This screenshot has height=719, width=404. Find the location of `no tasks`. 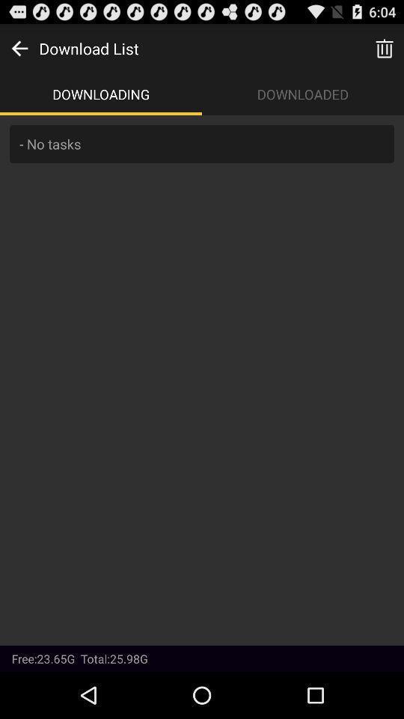

no tasks is located at coordinates (202, 379).